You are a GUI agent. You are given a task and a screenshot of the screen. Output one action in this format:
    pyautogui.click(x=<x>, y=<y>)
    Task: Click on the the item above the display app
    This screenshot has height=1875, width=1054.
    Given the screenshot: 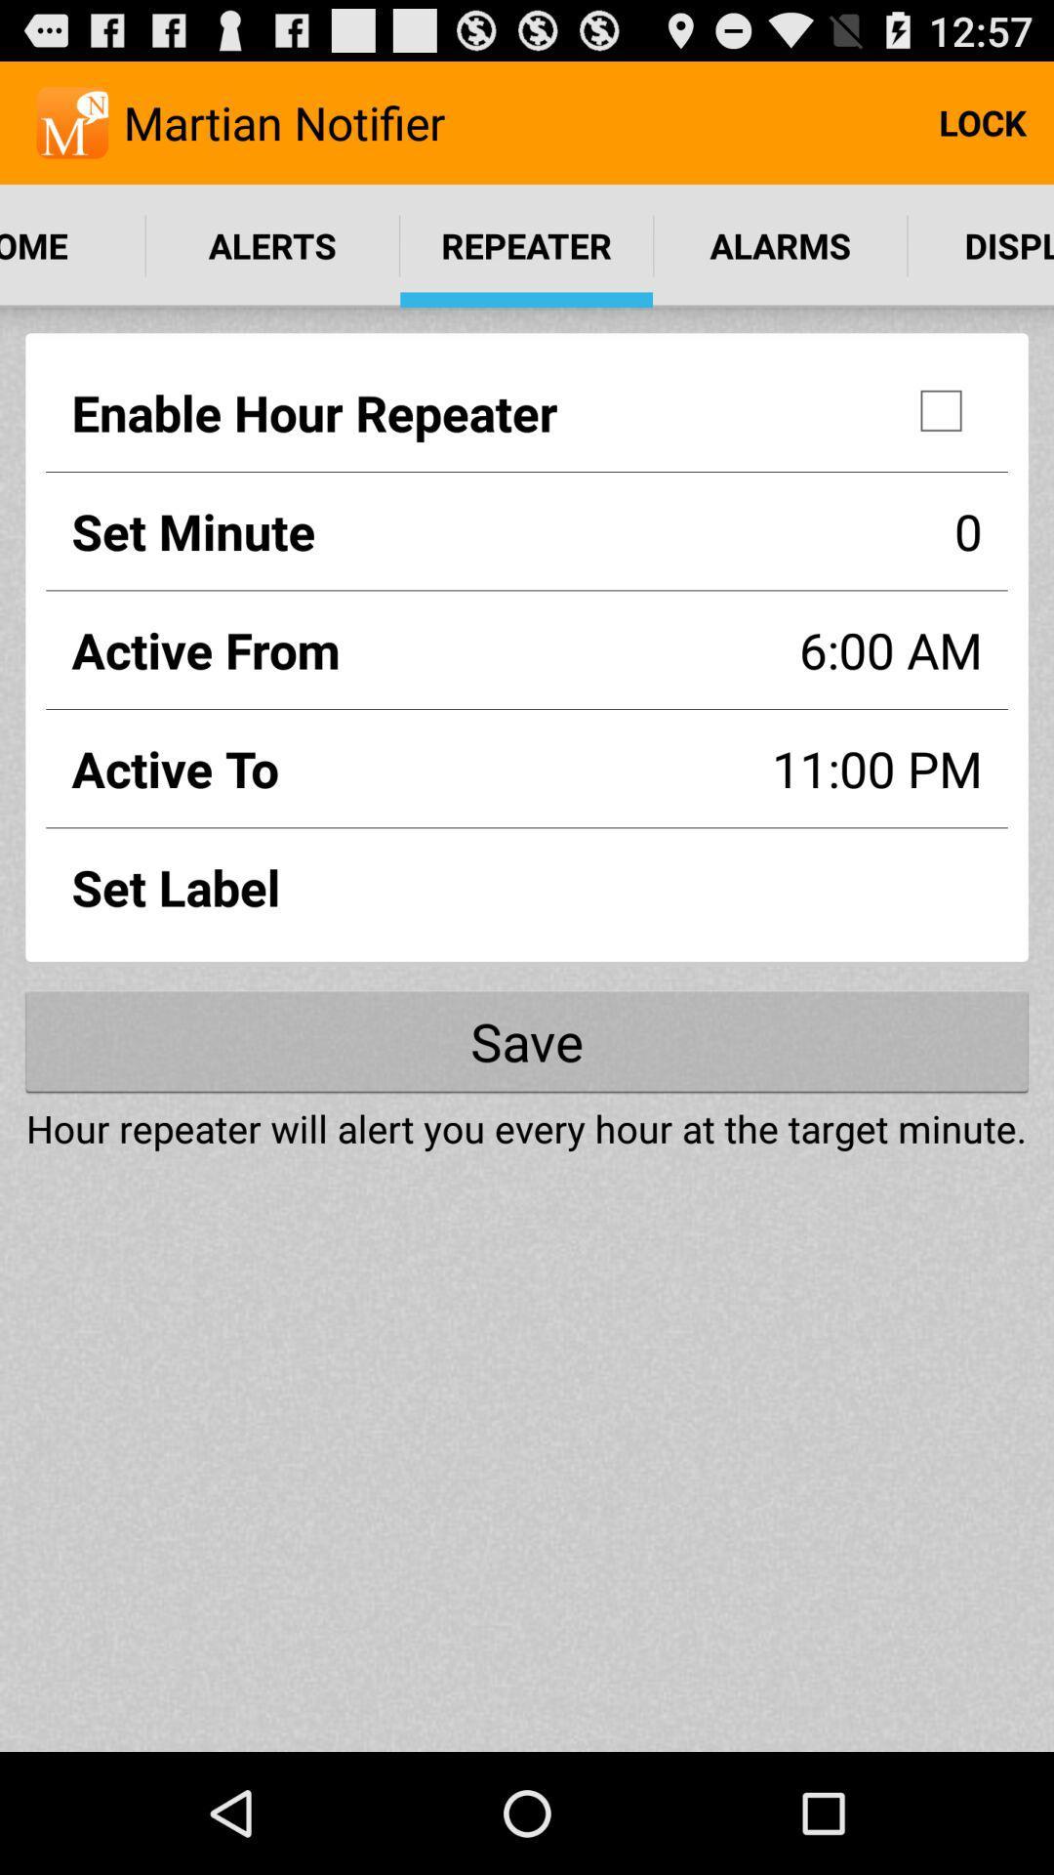 What is the action you would take?
    pyautogui.click(x=982, y=121)
    